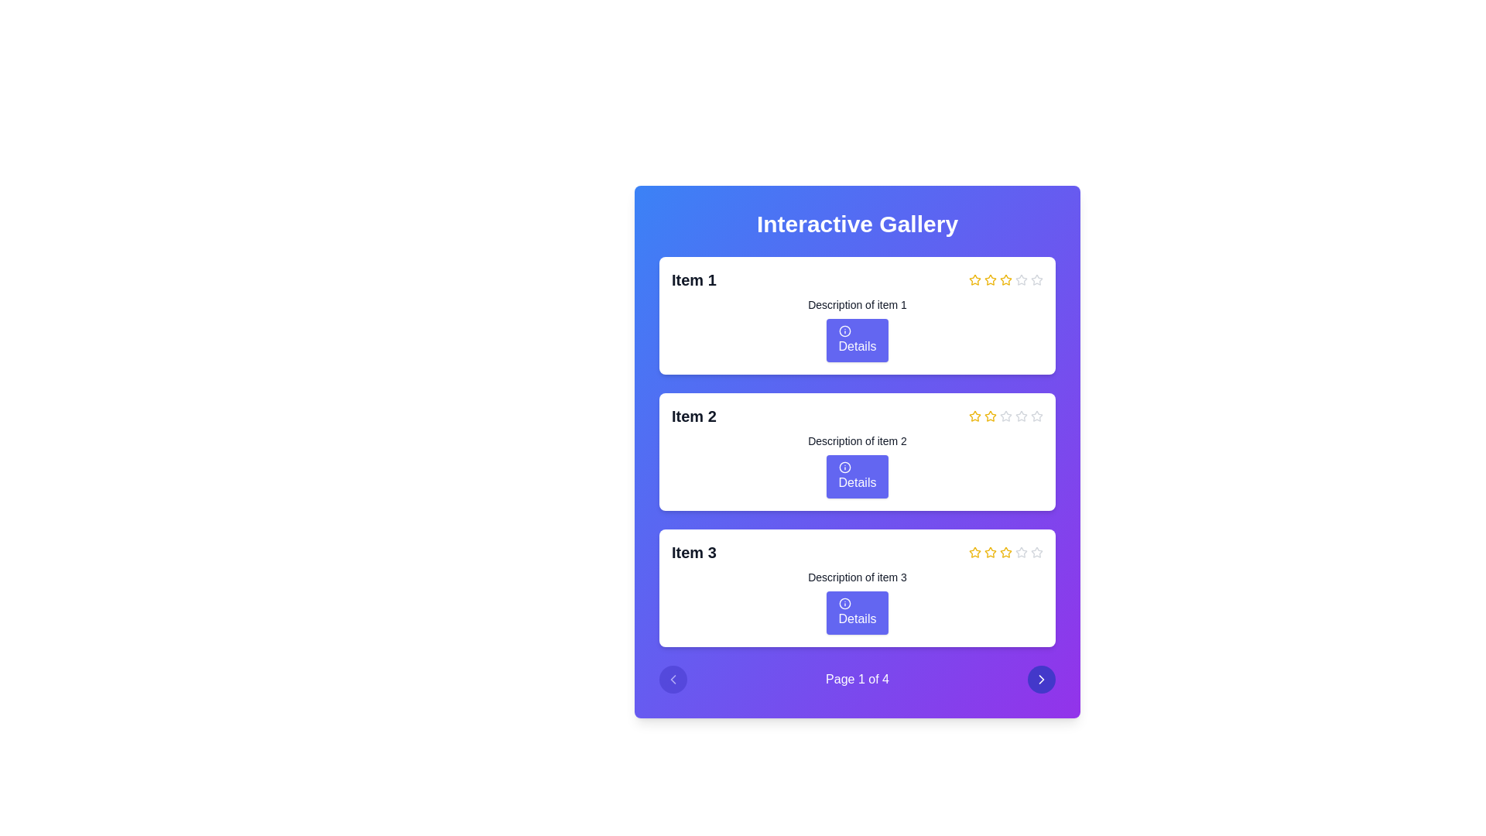  Describe the element at coordinates (991, 280) in the screenshot. I see `the third star icon in the 'Item 1' section, which is highlighted in yellow to indicate it has been selected` at that location.